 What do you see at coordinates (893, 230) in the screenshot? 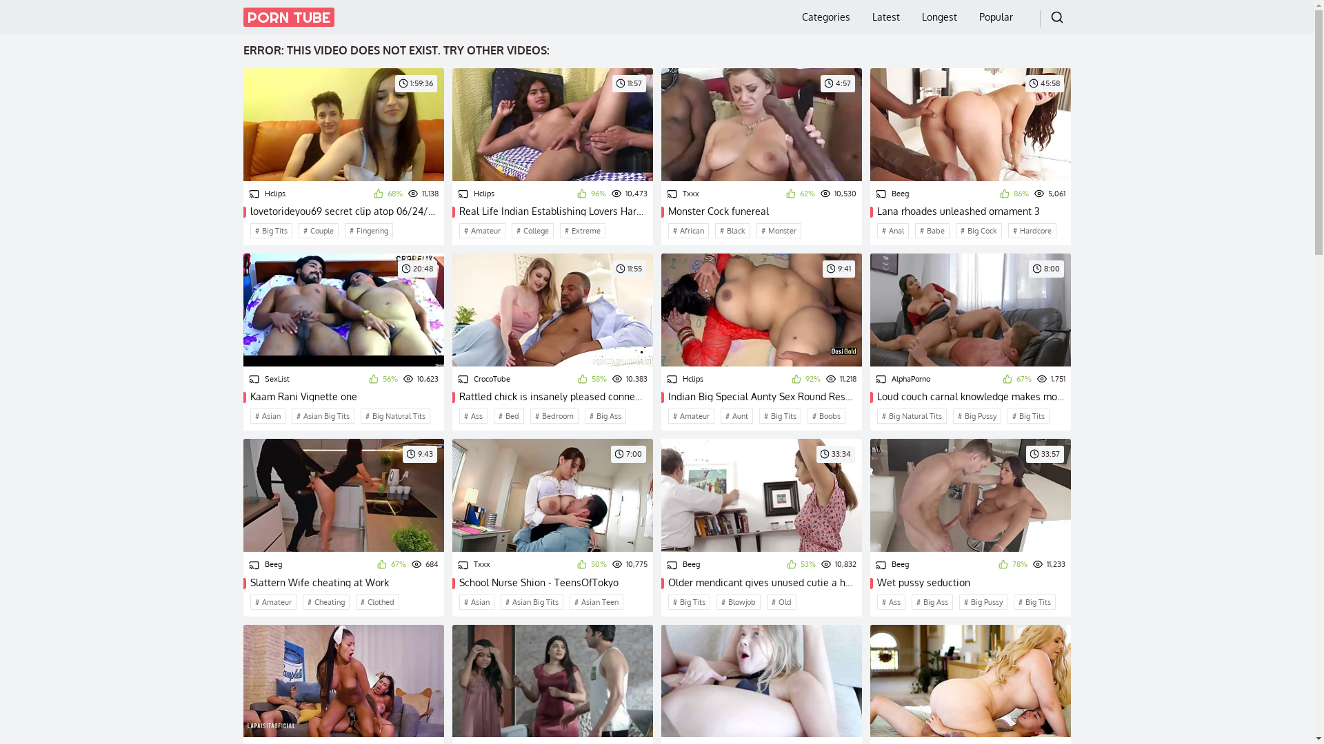
I see `'Anal'` at bounding box center [893, 230].